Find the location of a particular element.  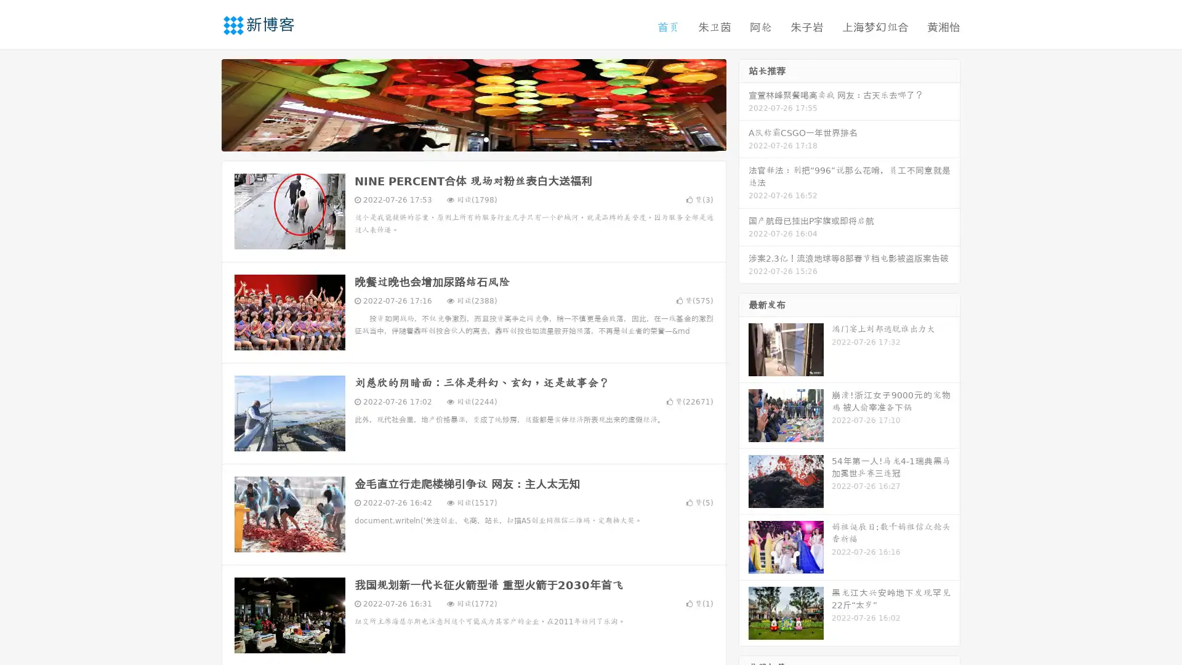

Go to slide 1 is located at coordinates (460, 139).